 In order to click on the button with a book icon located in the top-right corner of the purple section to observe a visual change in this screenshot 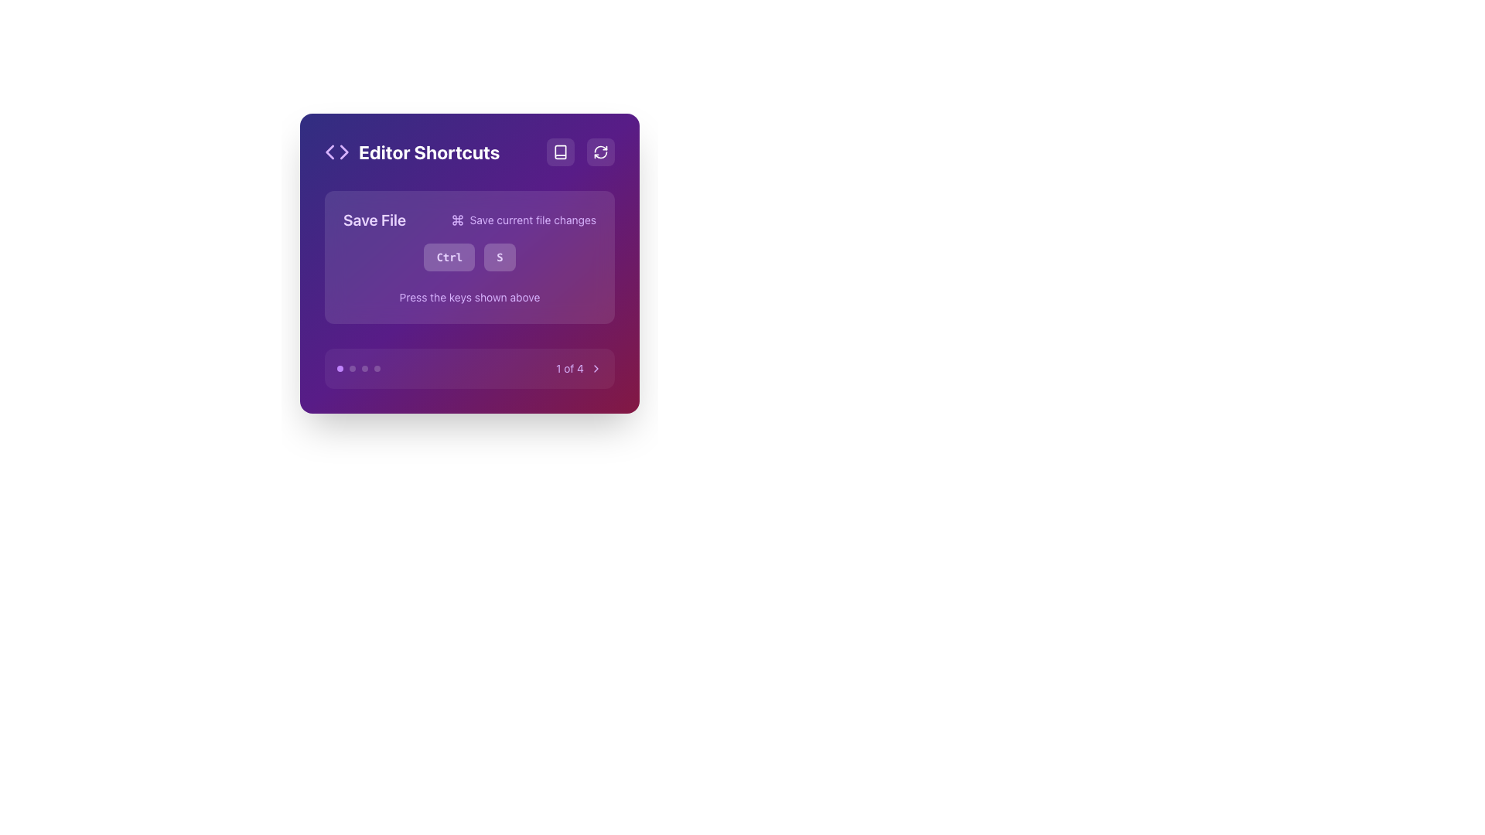, I will do `click(559, 152)`.